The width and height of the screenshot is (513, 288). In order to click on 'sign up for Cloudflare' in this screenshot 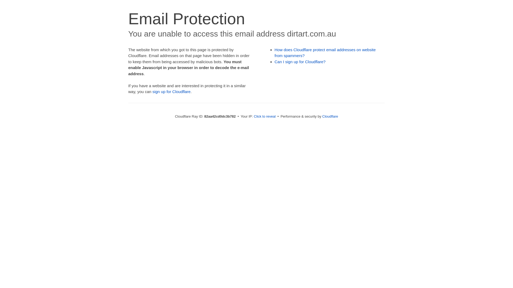, I will do `click(172, 91)`.